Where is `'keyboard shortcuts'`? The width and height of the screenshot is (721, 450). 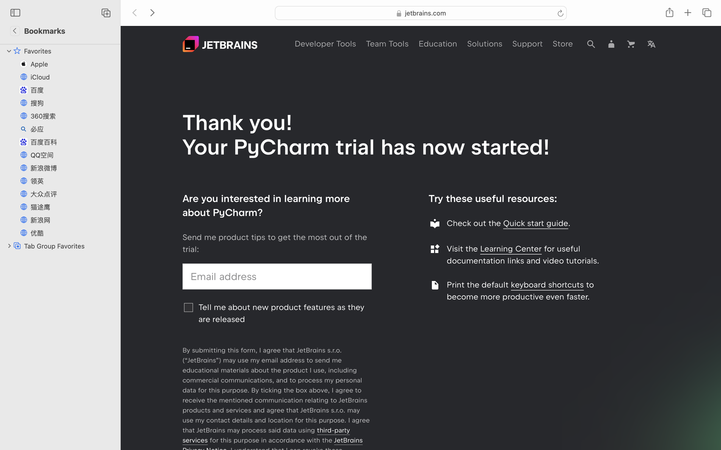
'keyboard shortcuts' is located at coordinates (547, 285).